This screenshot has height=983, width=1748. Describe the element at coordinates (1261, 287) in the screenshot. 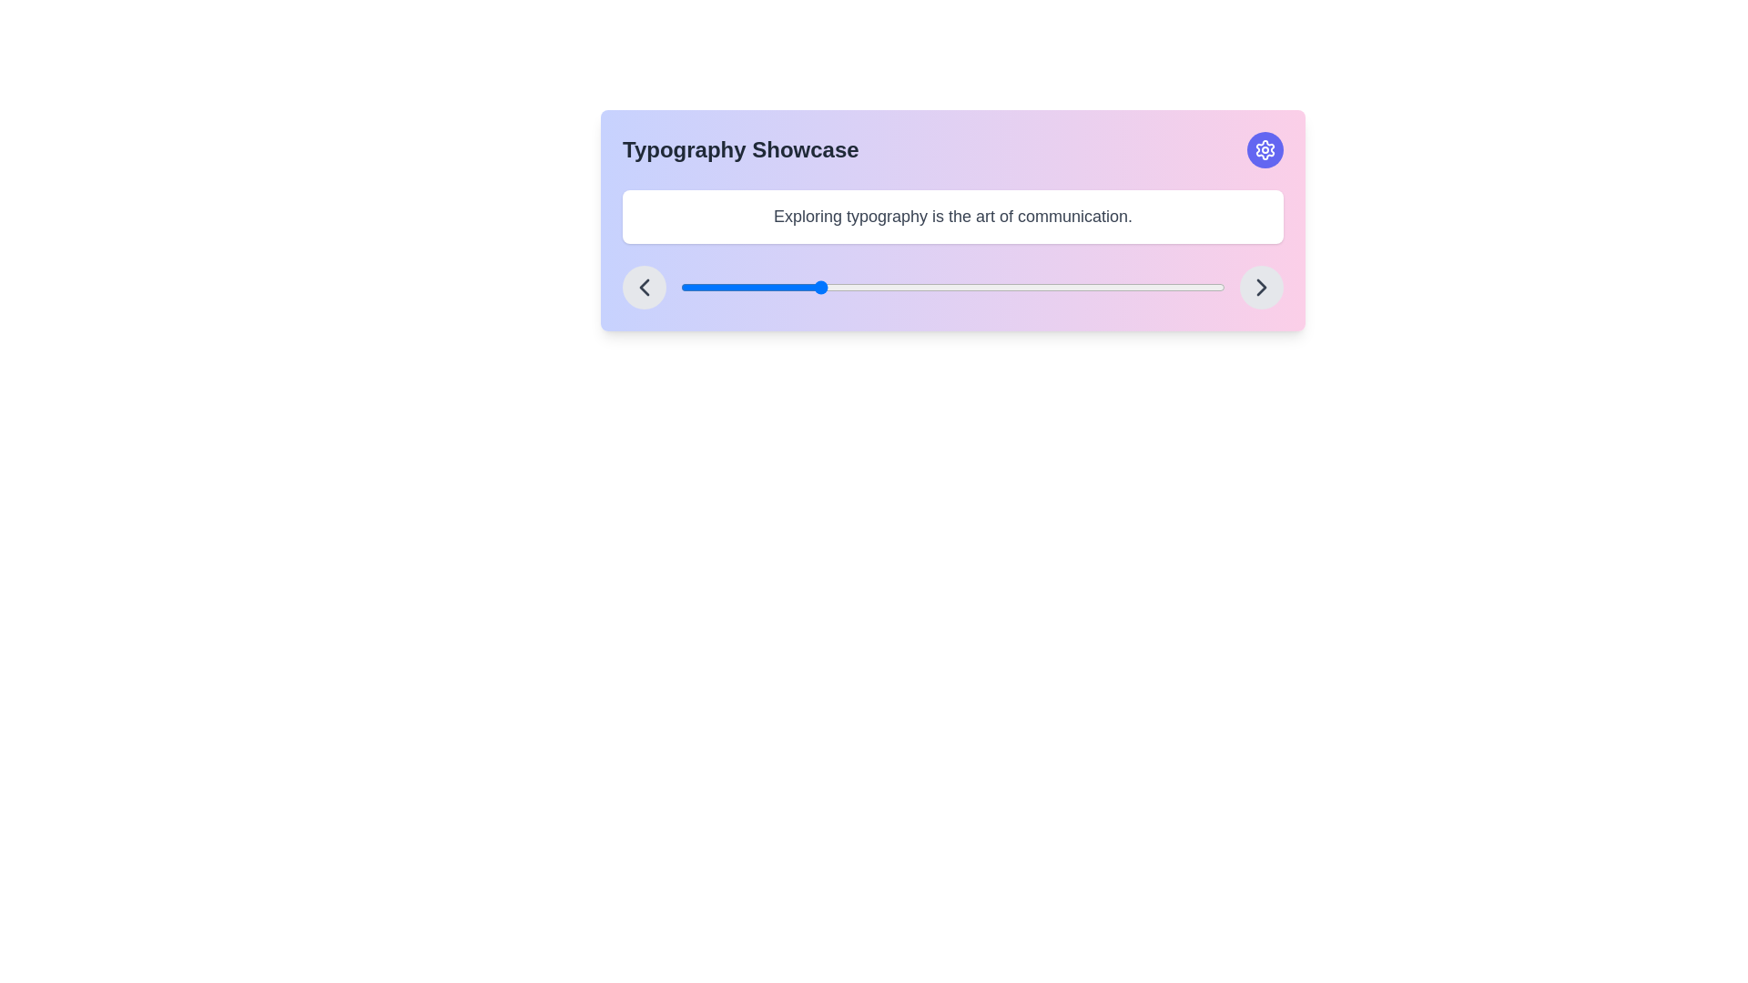

I see `the right-pointing chevron arrow SVG graphic nested within a circular button in the lower-right corner of the card` at that location.